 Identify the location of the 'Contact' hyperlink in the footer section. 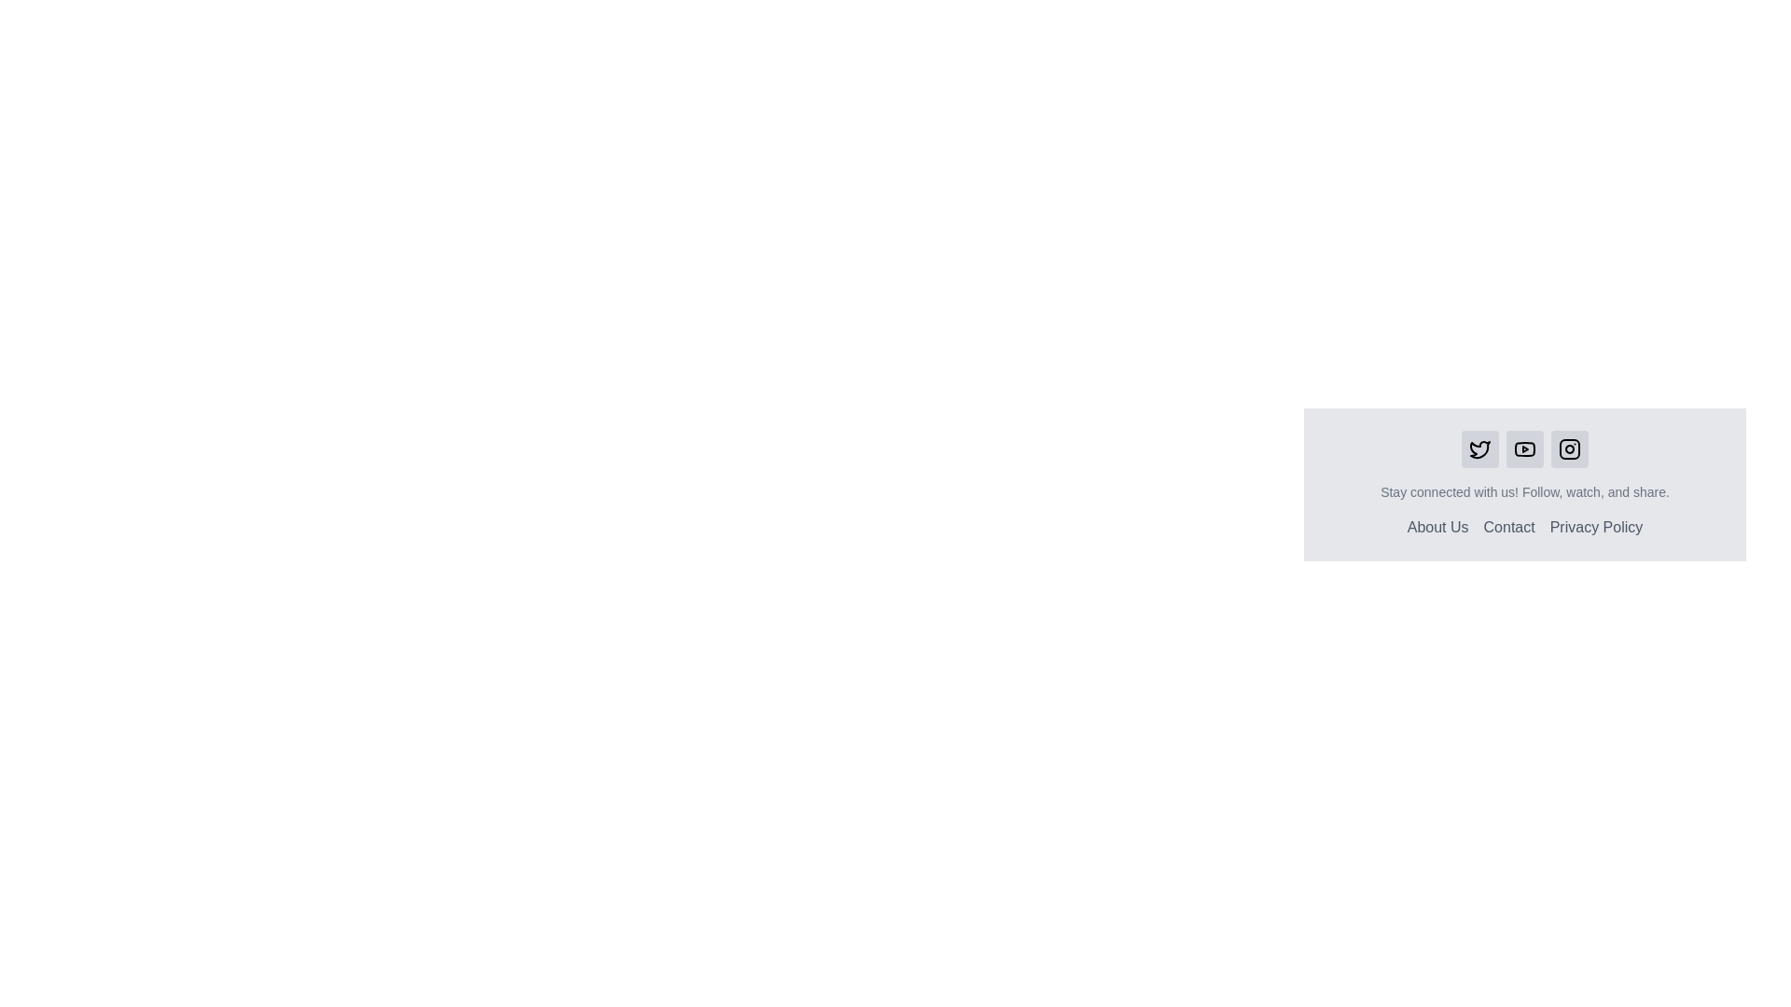
(1509, 527).